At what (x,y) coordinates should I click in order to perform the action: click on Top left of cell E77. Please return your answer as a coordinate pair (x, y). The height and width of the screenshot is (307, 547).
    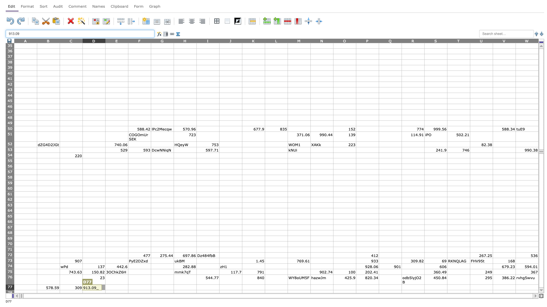
    Looking at the image, I should click on (105, 285).